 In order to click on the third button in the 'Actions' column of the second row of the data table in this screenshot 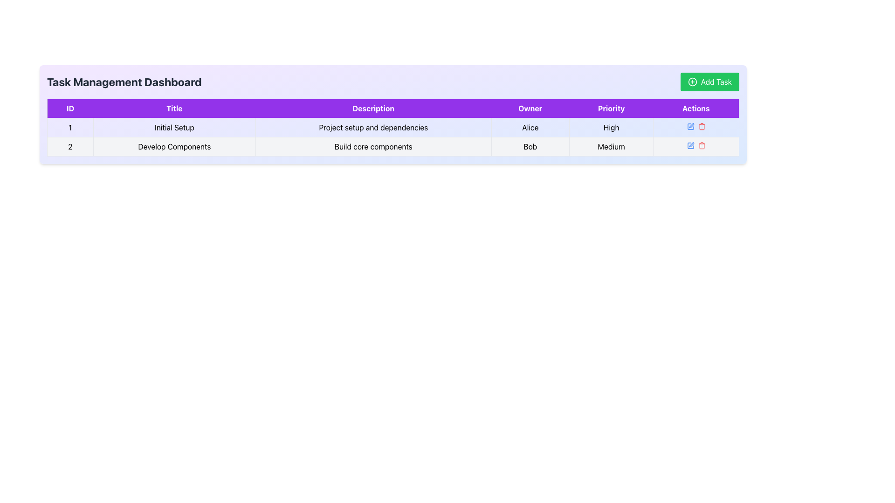, I will do `click(702, 145)`.